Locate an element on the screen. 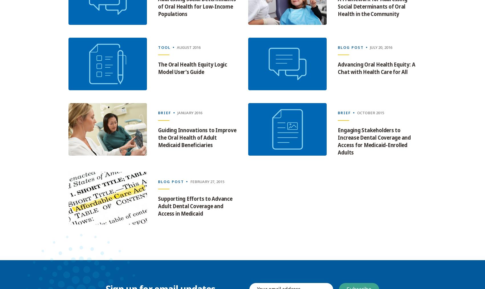 This screenshot has height=289, width=485. 'February 27, 2015' is located at coordinates (207, 181).